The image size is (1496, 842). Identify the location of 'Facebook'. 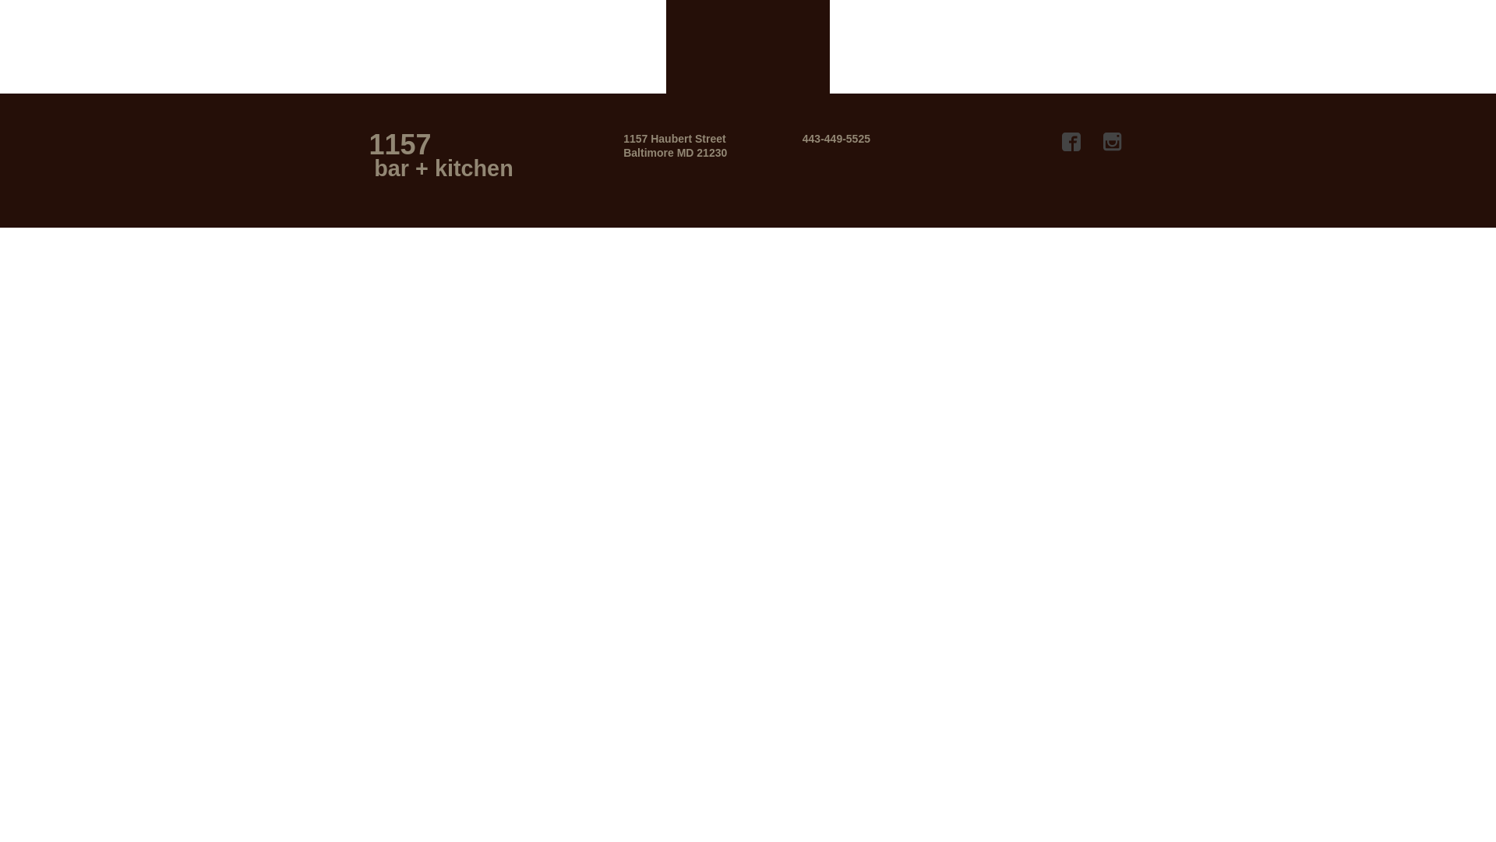
(1070, 141).